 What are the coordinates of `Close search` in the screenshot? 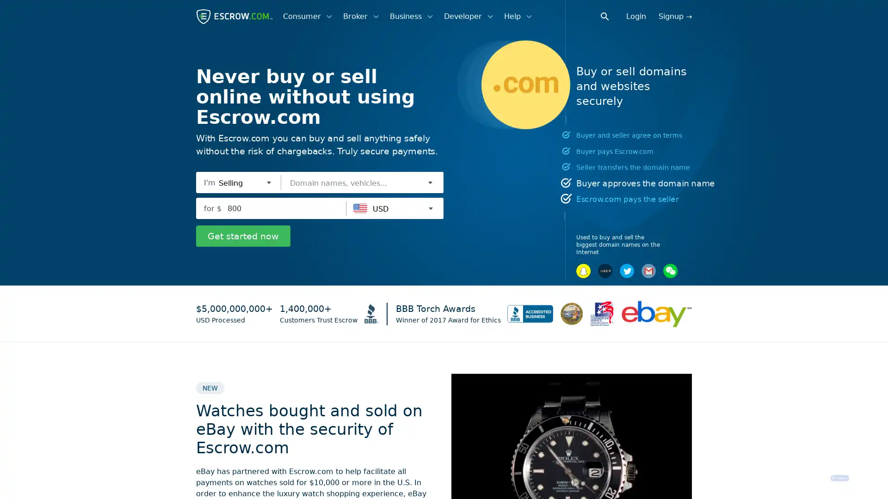 It's located at (610, 16).